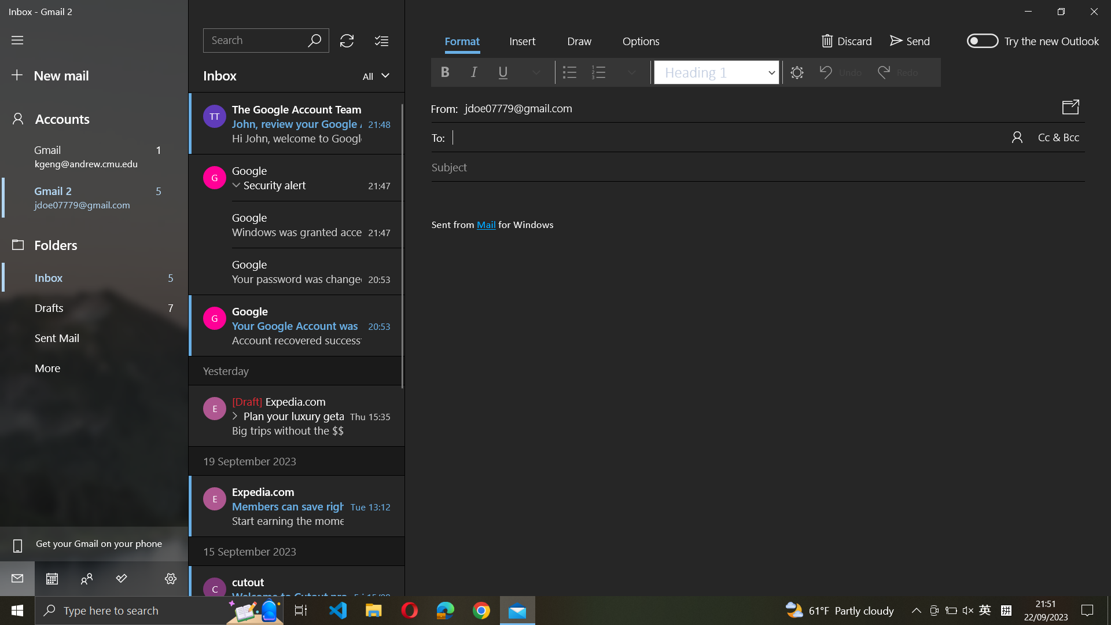 This screenshot has width=1111, height=625. I want to click on Search for emails from Google, so click(266, 40).